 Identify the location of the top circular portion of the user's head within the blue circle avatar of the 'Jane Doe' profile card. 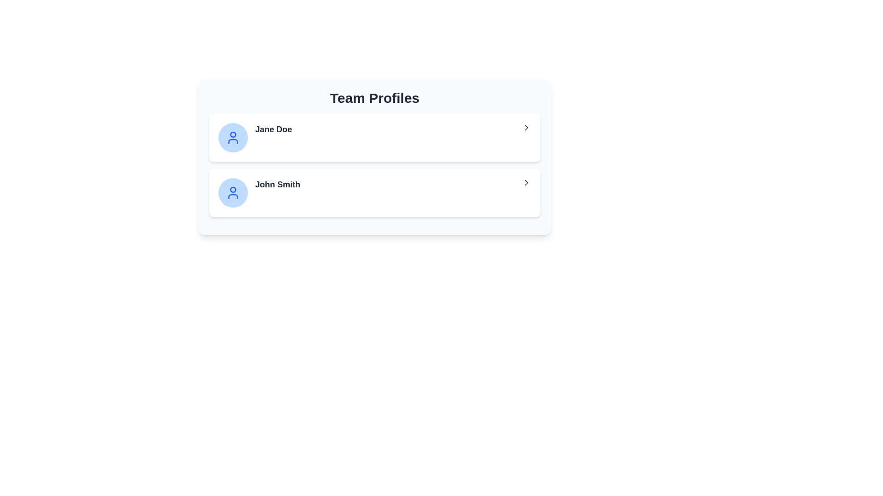
(233, 135).